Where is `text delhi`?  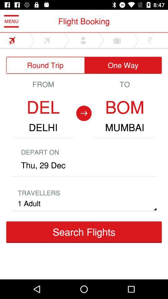
text delhi is located at coordinates (43, 127).